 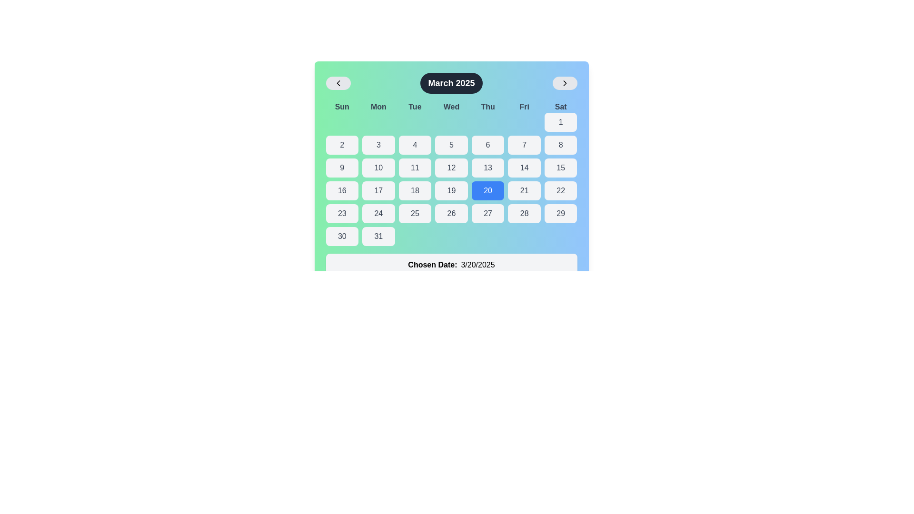 What do you see at coordinates (451, 213) in the screenshot?
I see `the date button representing '26' in the calendar interface` at bounding box center [451, 213].